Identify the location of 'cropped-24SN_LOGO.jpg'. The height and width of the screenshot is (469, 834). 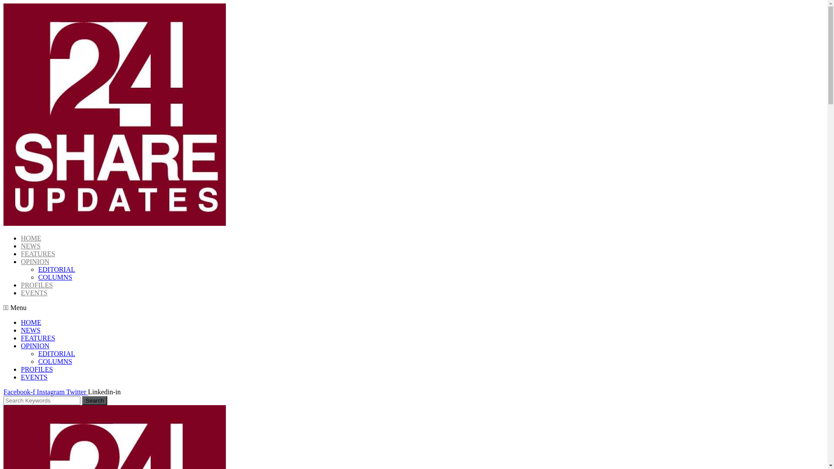
(114, 114).